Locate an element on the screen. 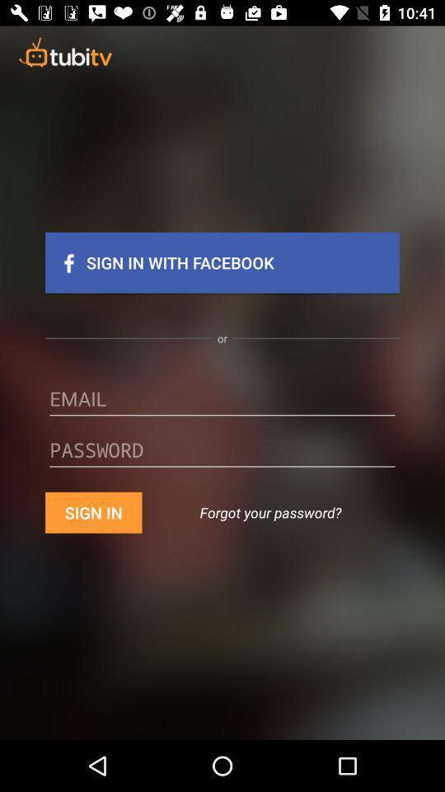  icon to the right of the sign in is located at coordinates (270, 511).